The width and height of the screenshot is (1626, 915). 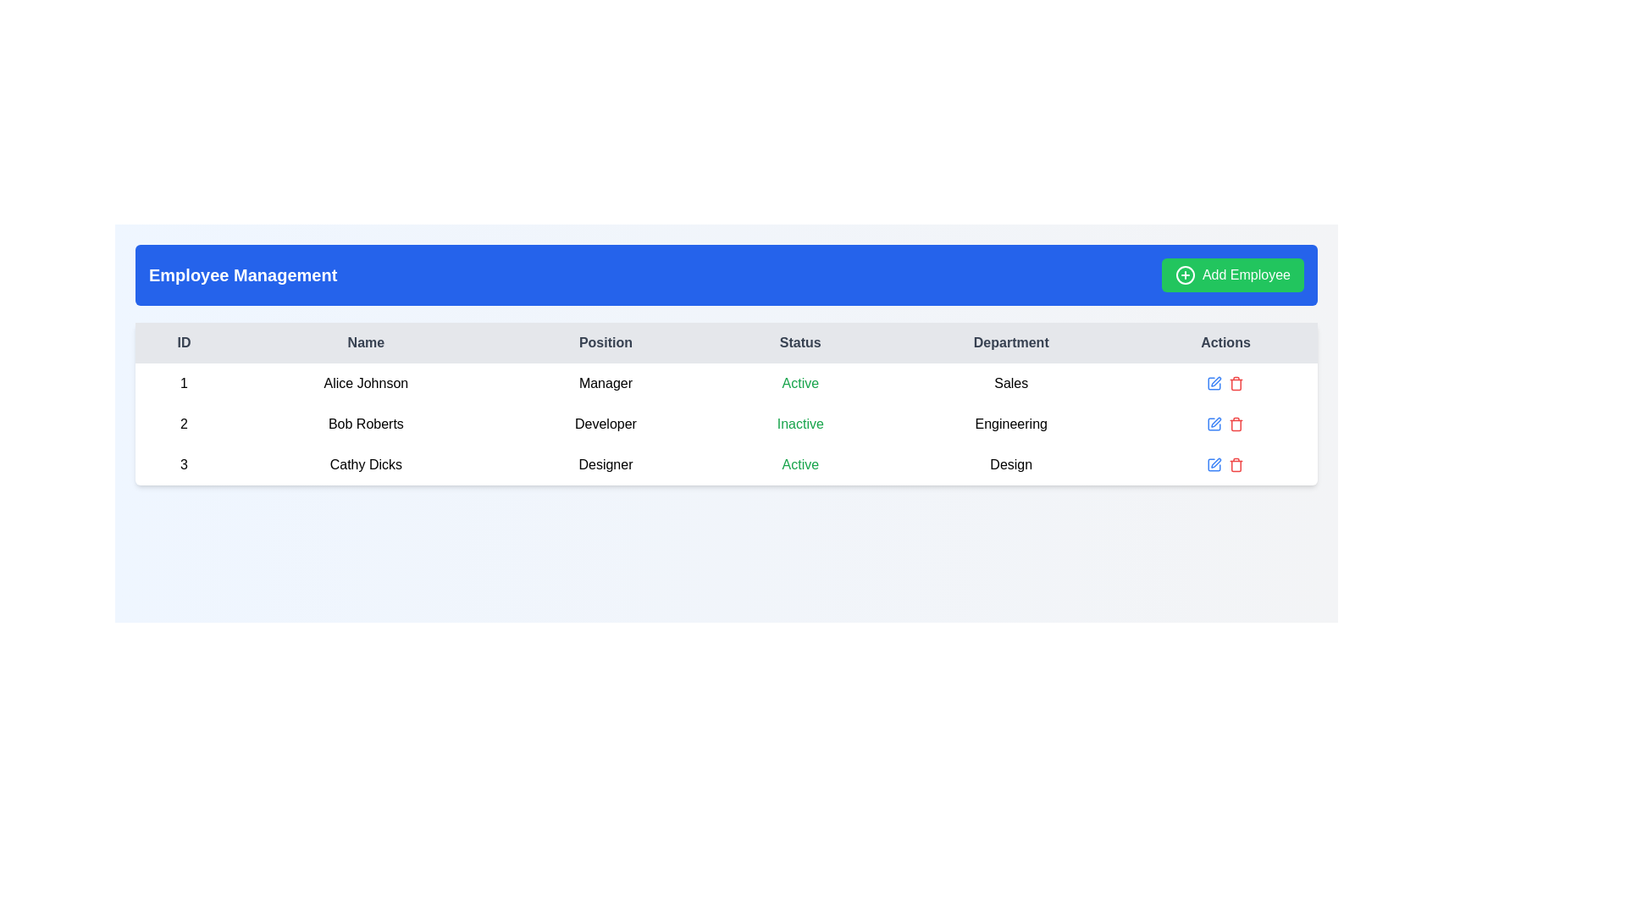 What do you see at coordinates (1011, 464) in the screenshot?
I see `the 'Design' text label located in the 'Department' column for the entry with ID '3' and Name 'Cathy Dicks'` at bounding box center [1011, 464].